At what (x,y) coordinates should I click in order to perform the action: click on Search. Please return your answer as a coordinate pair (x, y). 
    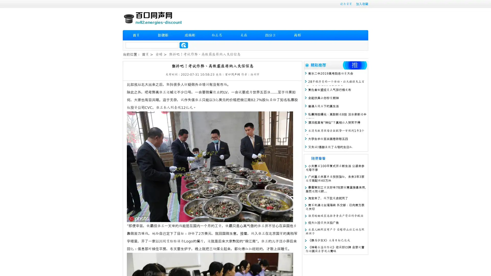
    Looking at the image, I should click on (184, 45).